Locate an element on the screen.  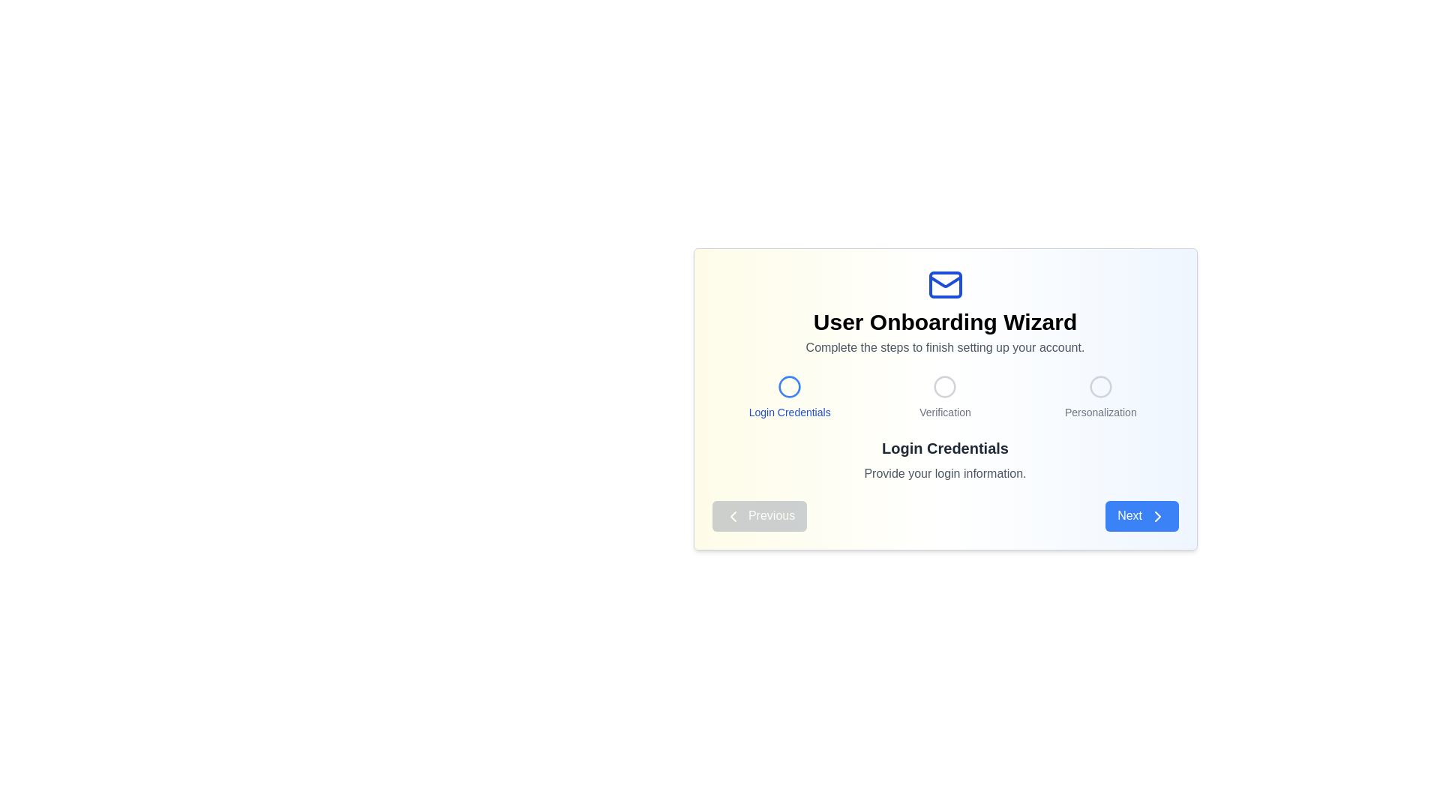
label of the first step icon in the onboarding process, which is positioned leftmost among the three sections: 'Login Credentials', 'Verification', and 'Personalization' is located at coordinates (789, 396).